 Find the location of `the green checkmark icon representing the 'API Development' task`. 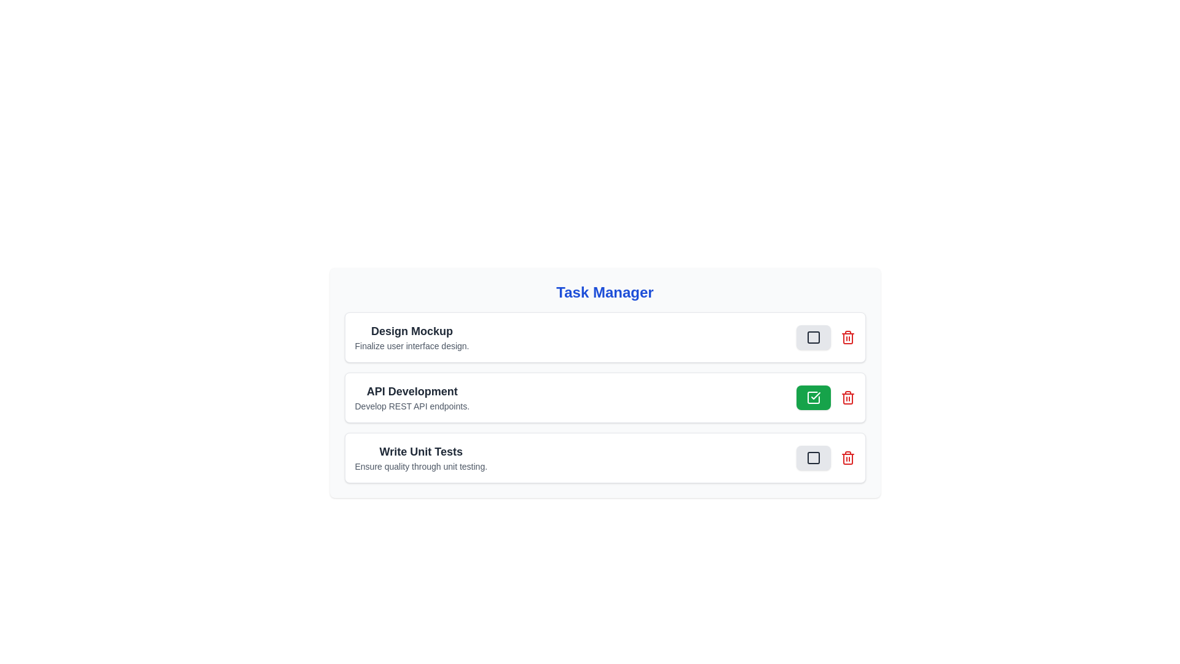

the green checkmark icon representing the 'API Development' task is located at coordinates (813, 398).